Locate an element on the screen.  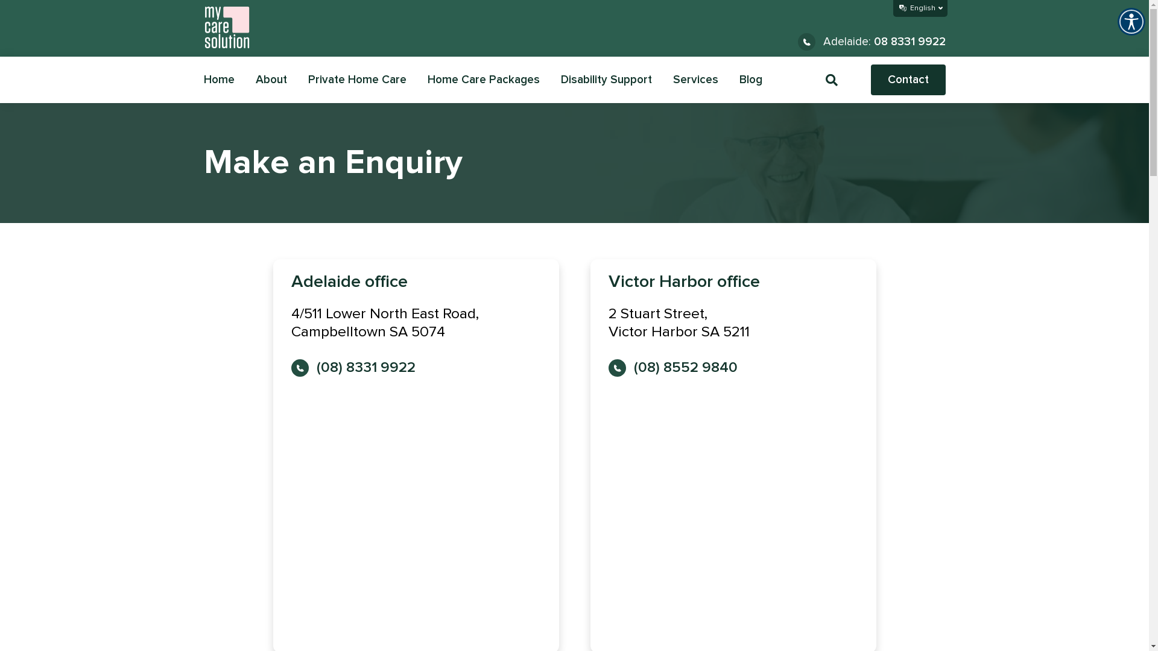
'Home Care Packages' is located at coordinates (483, 80).